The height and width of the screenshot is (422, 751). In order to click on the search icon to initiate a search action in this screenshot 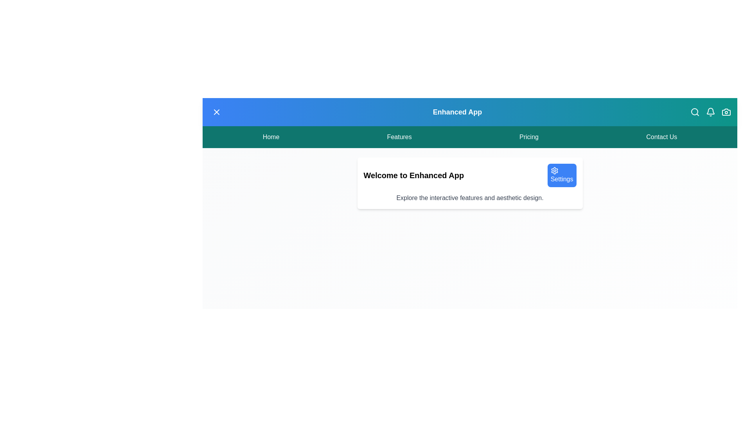, I will do `click(695, 112)`.